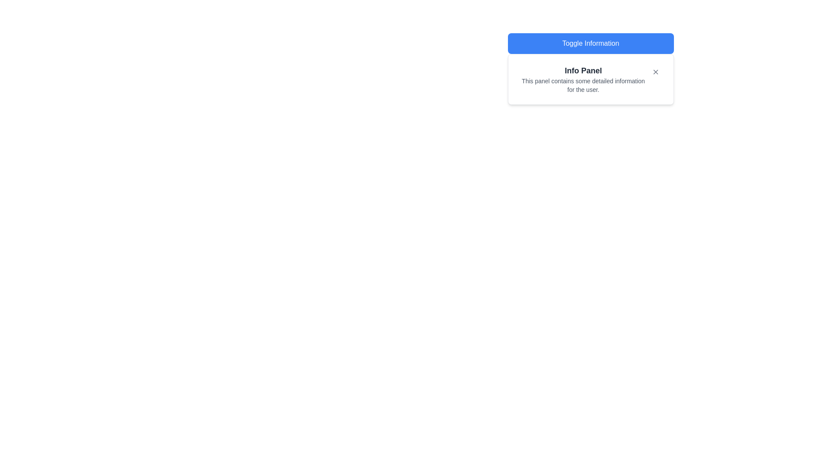 Image resolution: width=830 pixels, height=466 pixels. What do you see at coordinates (583, 70) in the screenshot?
I see `the title text element located at the upper portion of the information panel` at bounding box center [583, 70].